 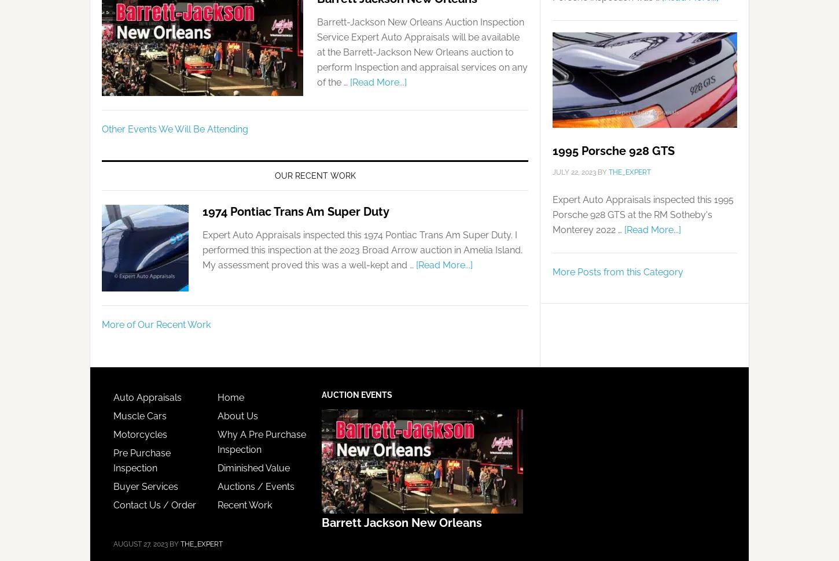 What do you see at coordinates (216, 441) in the screenshot?
I see `'Why A Pre Purchase Inspection'` at bounding box center [216, 441].